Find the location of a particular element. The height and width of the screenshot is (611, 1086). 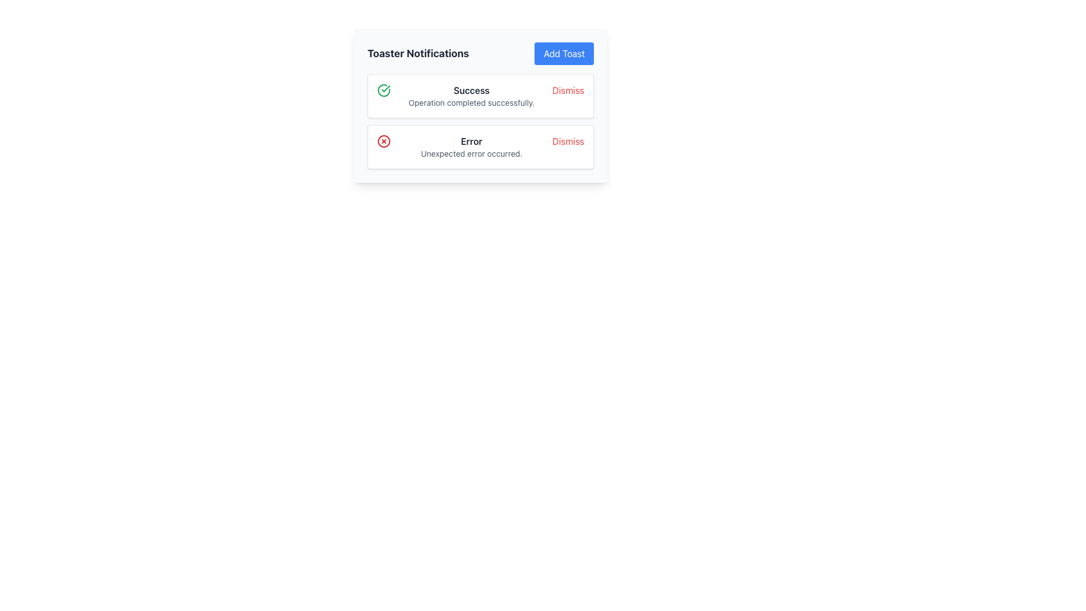

text label that serves as the header for the notification message indicating an issue, which is labeled 'ErrorUnexpected error occurred.' is located at coordinates (471, 141).